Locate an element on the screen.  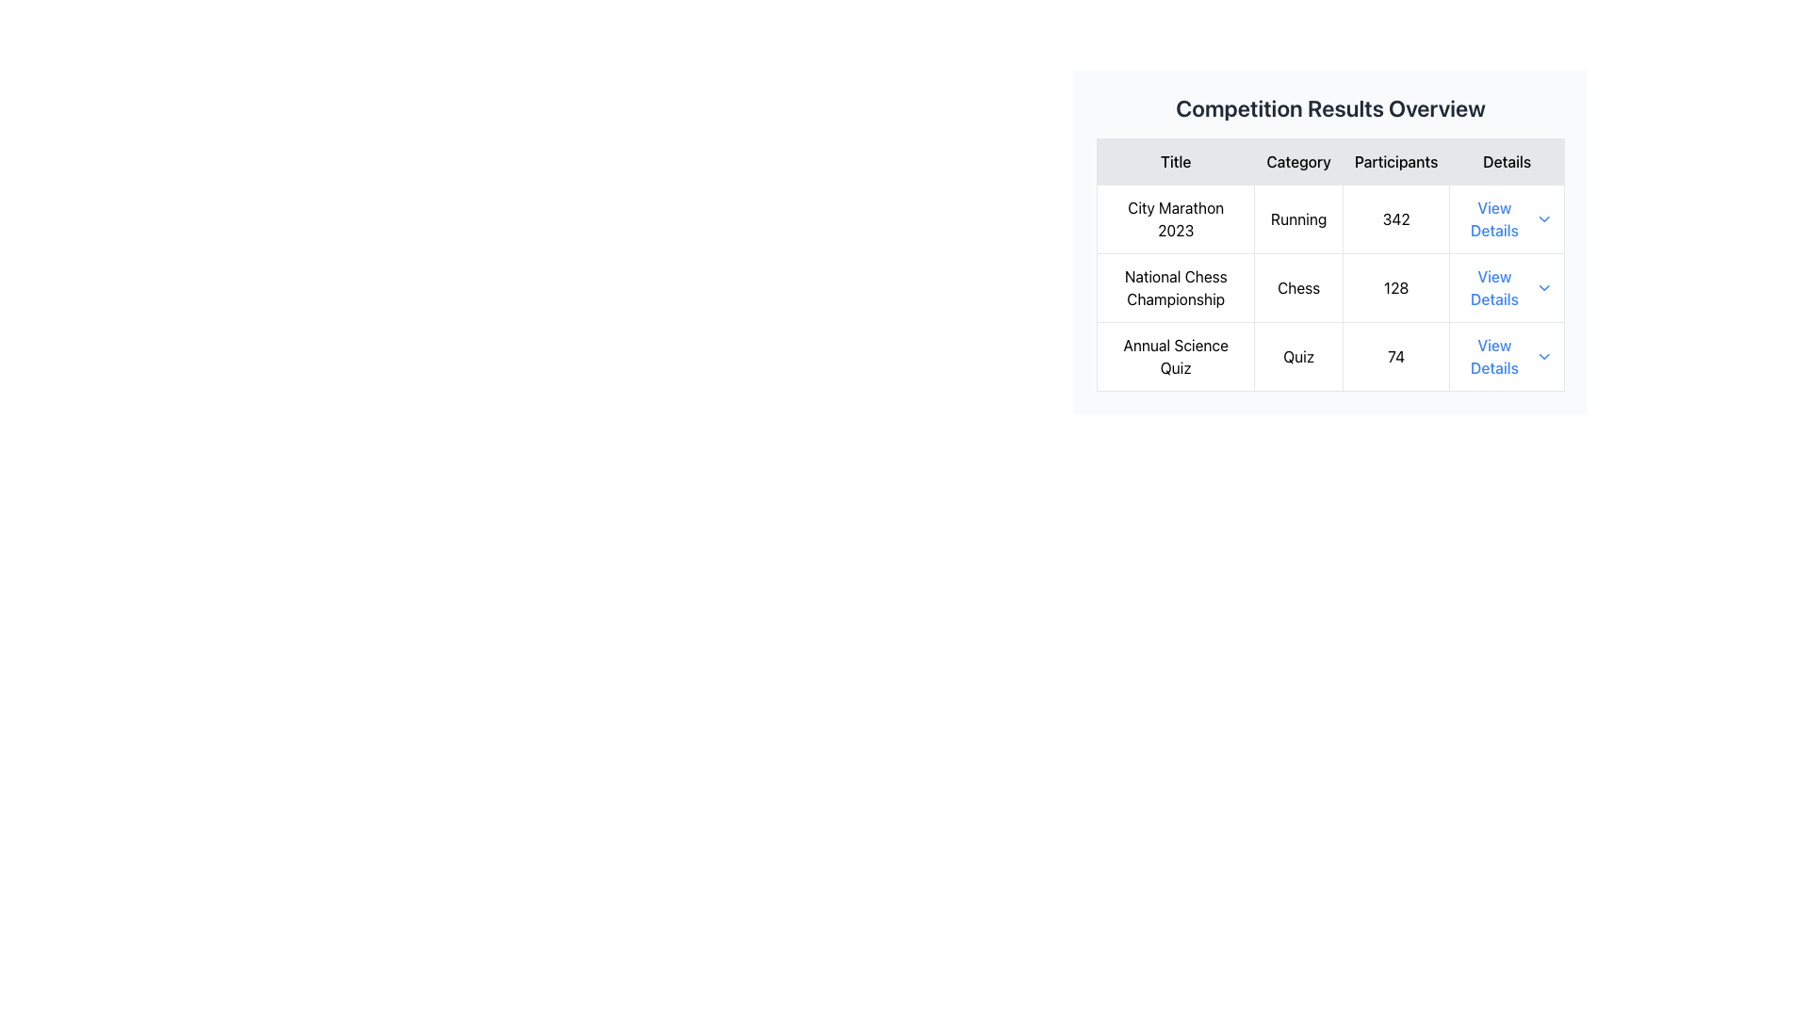
the 'View Details' link in the third row under the 'Details' column of the 'Competition Results Overview' table, which is aligned with 'Annual Science Quiz' is located at coordinates (1493, 356).